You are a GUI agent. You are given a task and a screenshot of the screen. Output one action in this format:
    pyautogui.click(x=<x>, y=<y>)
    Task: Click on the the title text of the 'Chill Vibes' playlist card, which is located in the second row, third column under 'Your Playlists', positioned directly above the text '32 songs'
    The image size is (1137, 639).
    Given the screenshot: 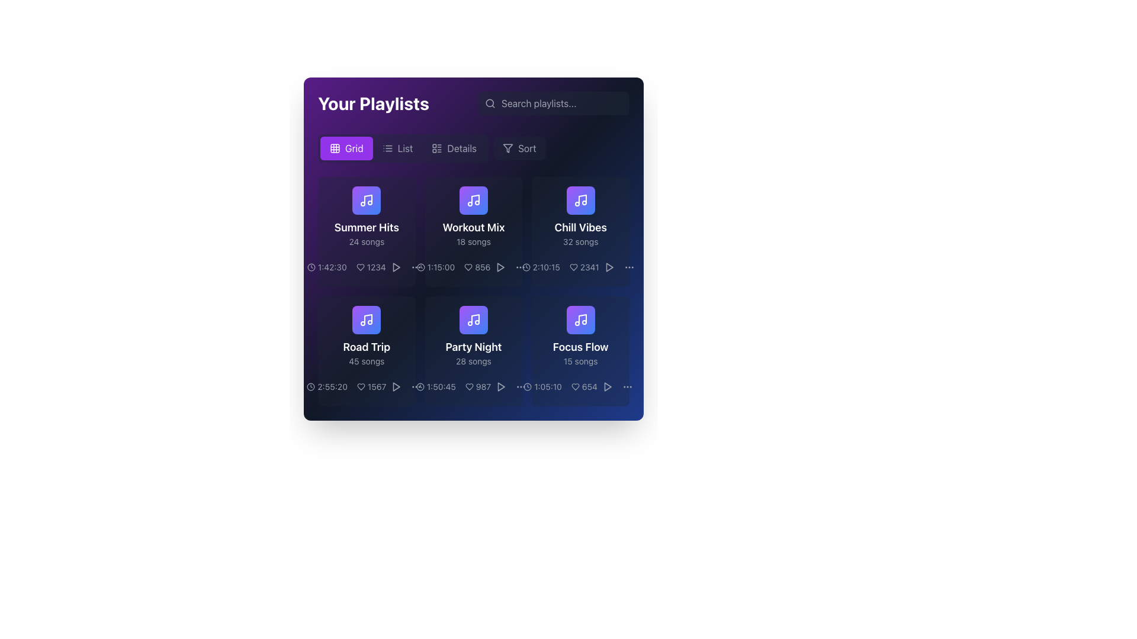 What is the action you would take?
    pyautogui.click(x=580, y=228)
    